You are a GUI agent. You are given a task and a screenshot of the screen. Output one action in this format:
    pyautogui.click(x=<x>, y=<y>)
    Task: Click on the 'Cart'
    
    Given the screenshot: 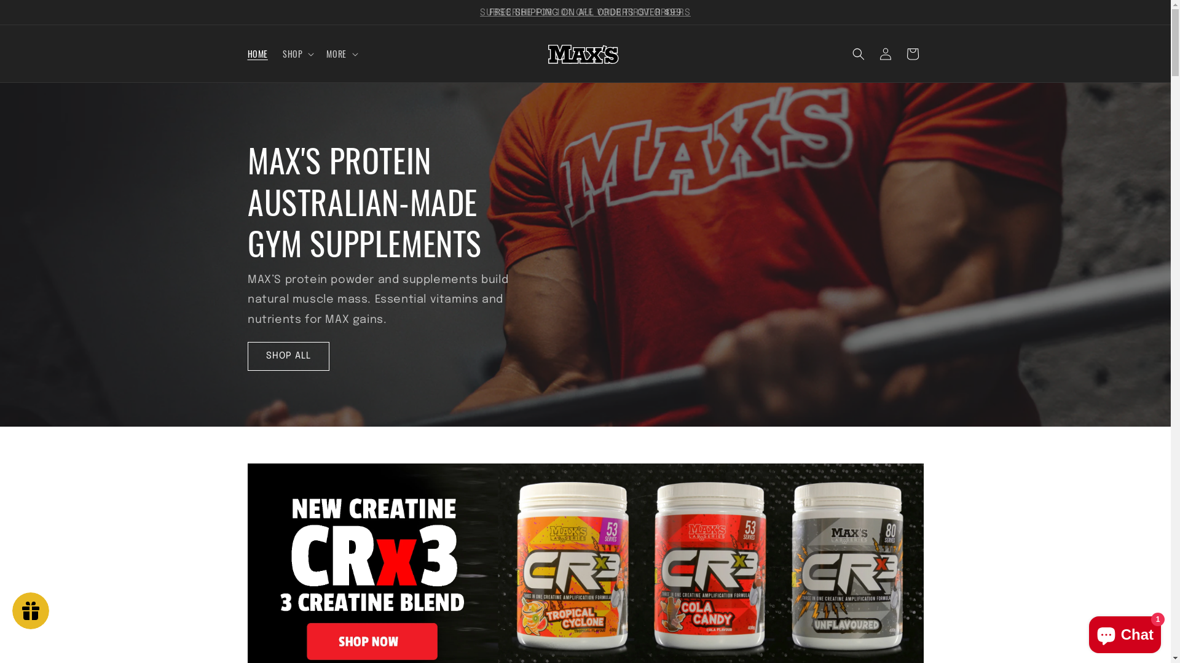 What is the action you would take?
    pyautogui.click(x=911, y=53)
    